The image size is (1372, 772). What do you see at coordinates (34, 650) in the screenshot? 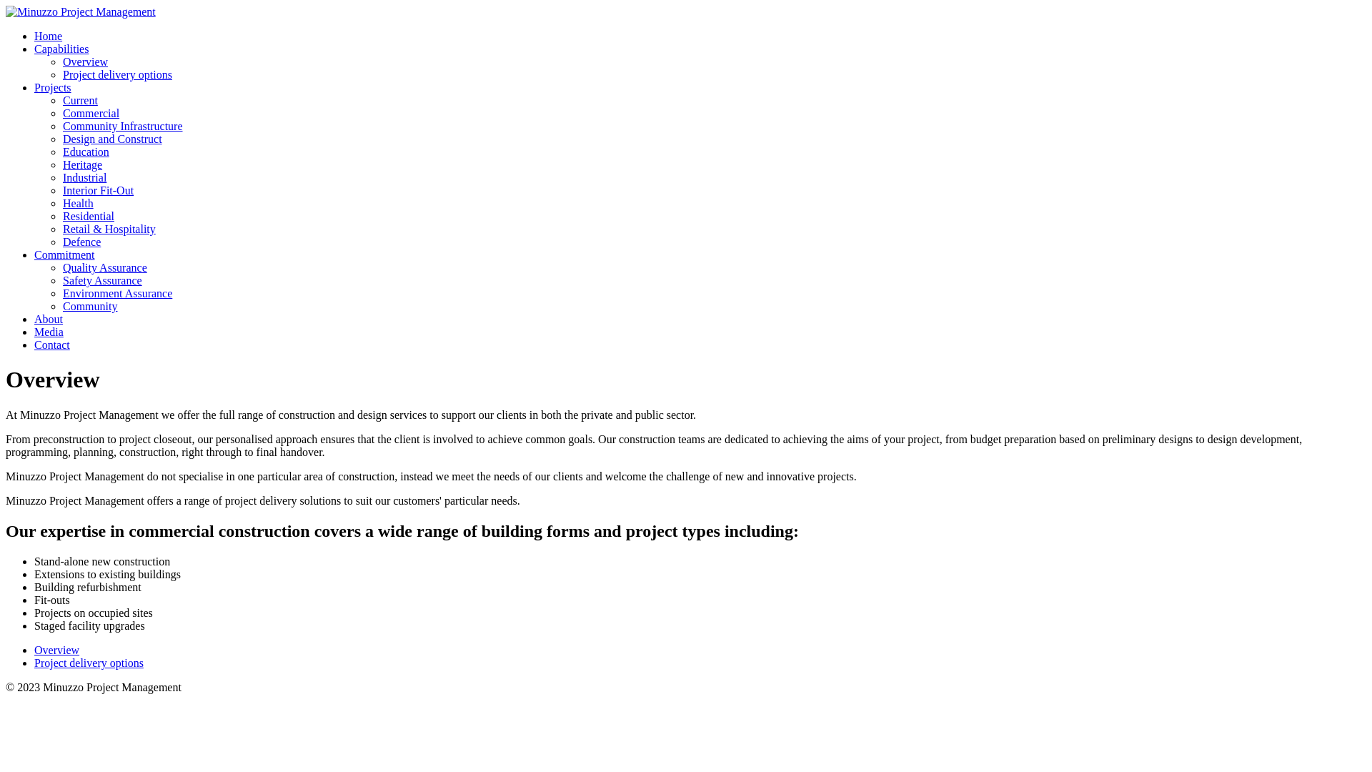
I see `'Overview'` at bounding box center [34, 650].